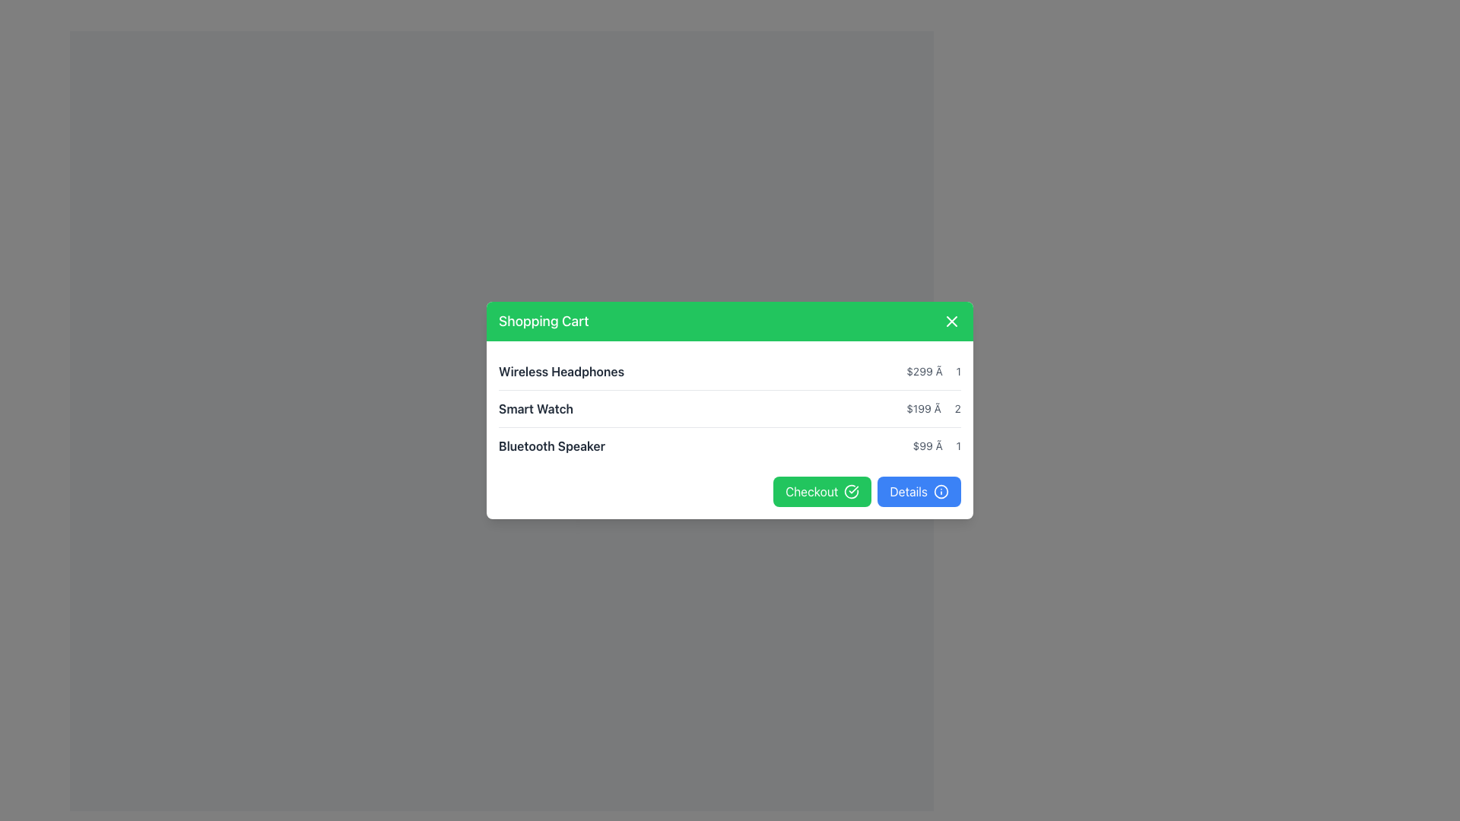 The image size is (1460, 821). What do you see at coordinates (941, 492) in the screenshot?
I see `the innermost circular shape within the icon located to the right of the 'Details' button` at bounding box center [941, 492].